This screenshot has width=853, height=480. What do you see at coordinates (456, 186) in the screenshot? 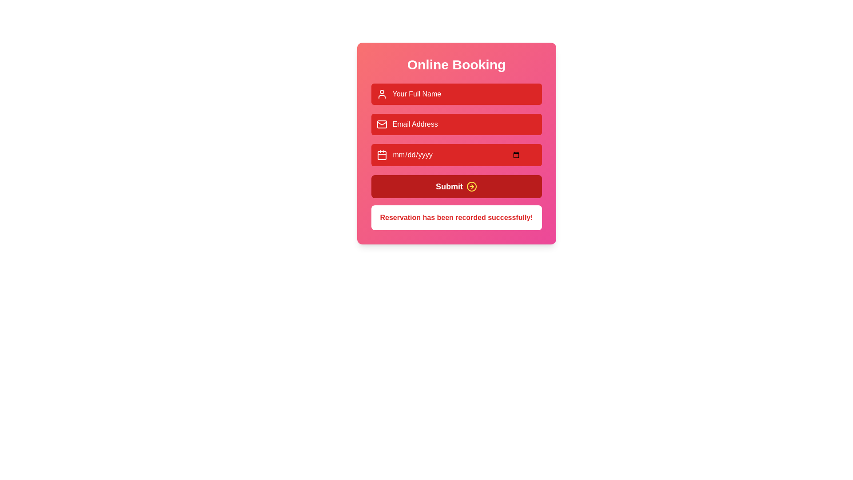
I see `the rectangular red 'Submit' button with white bold text` at bounding box center [456, 186].